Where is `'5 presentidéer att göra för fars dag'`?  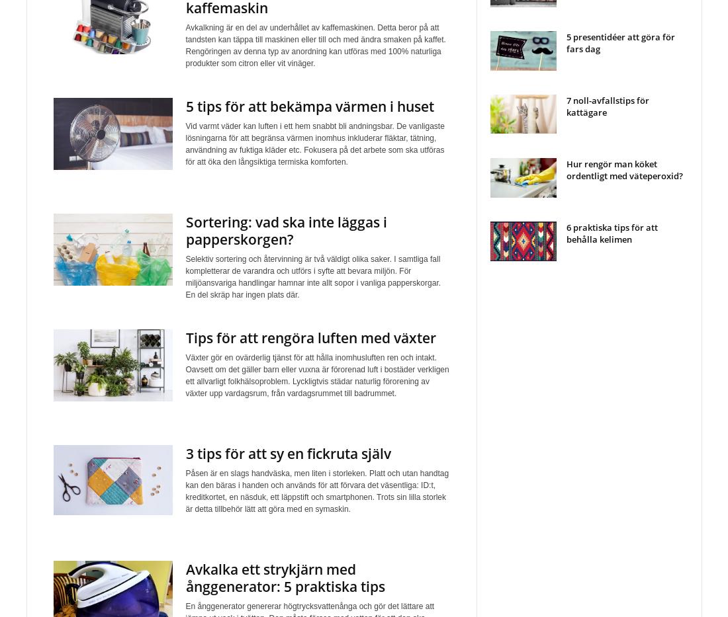 '5 presentidéer att göra för fars dag' is located at coordinates (619, 42).